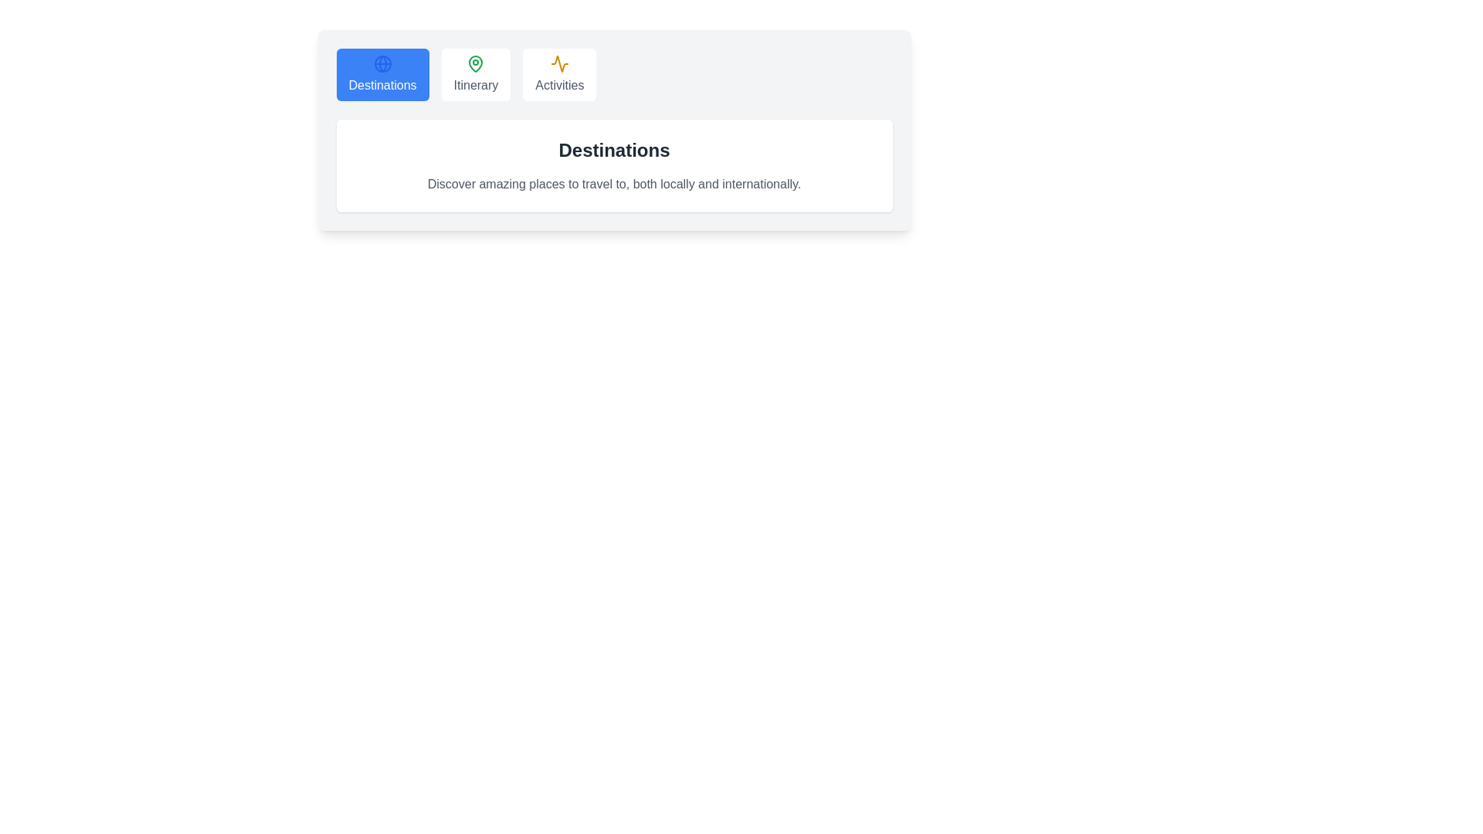  Describe the element at coordinates (558, 74) in the screenshot. I see `the tab labeled Activities to observe the hover effect` at that location.